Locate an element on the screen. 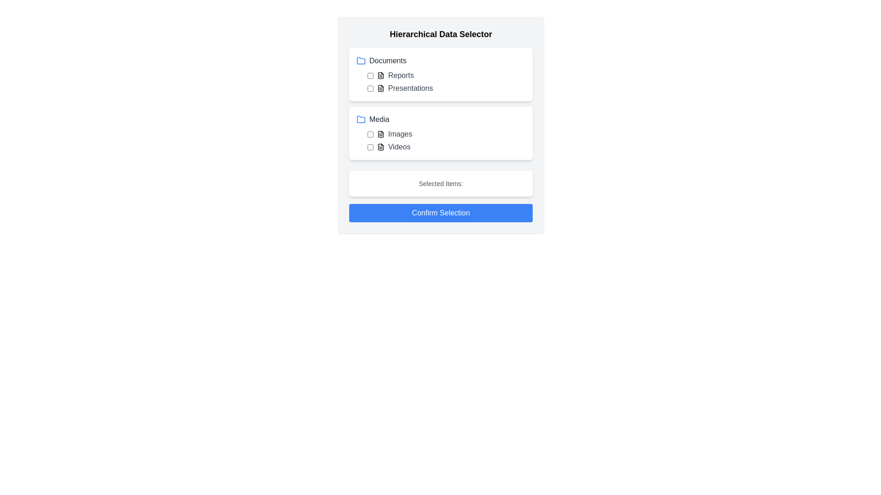  the document icon located to the left of the 'Reports' text in the hierarchical selector is located at coordinates (381, 75).